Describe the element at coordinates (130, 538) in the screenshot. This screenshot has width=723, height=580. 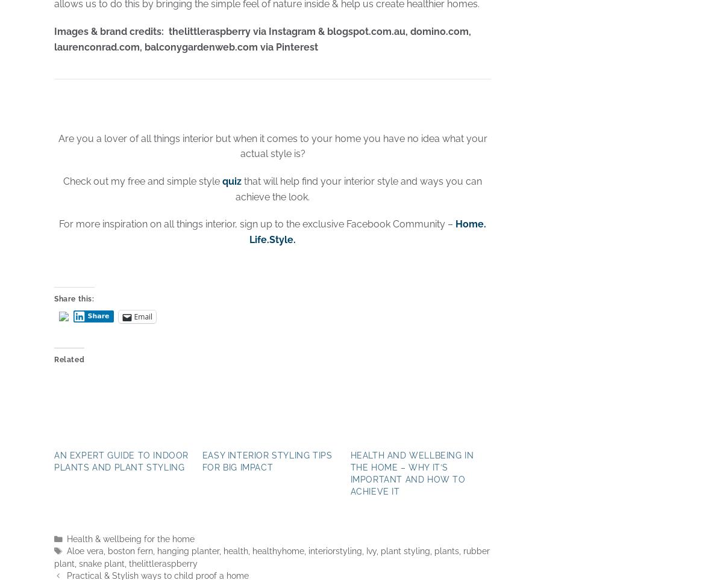
I see `'Health & wellbeing for the home'` at that location.